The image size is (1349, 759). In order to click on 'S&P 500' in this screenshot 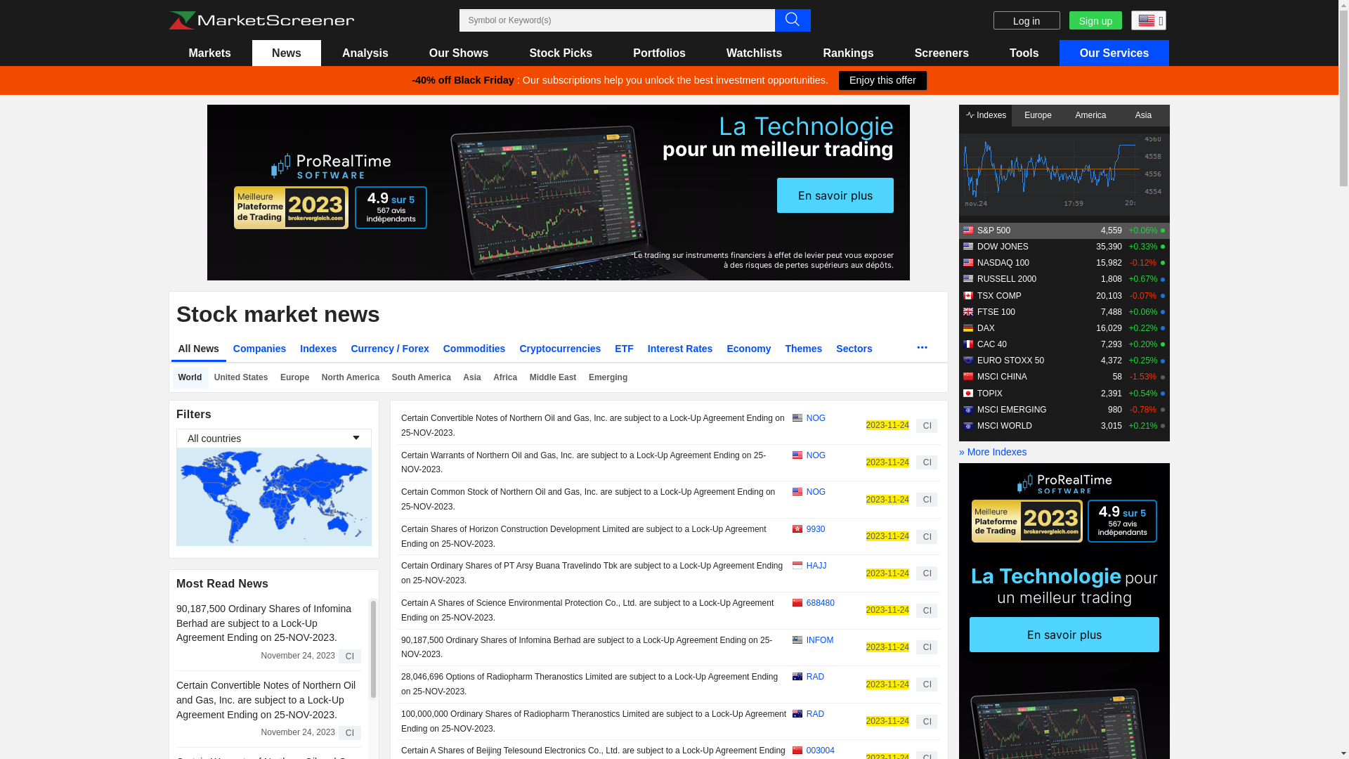, I will do `click(993, 229)`.